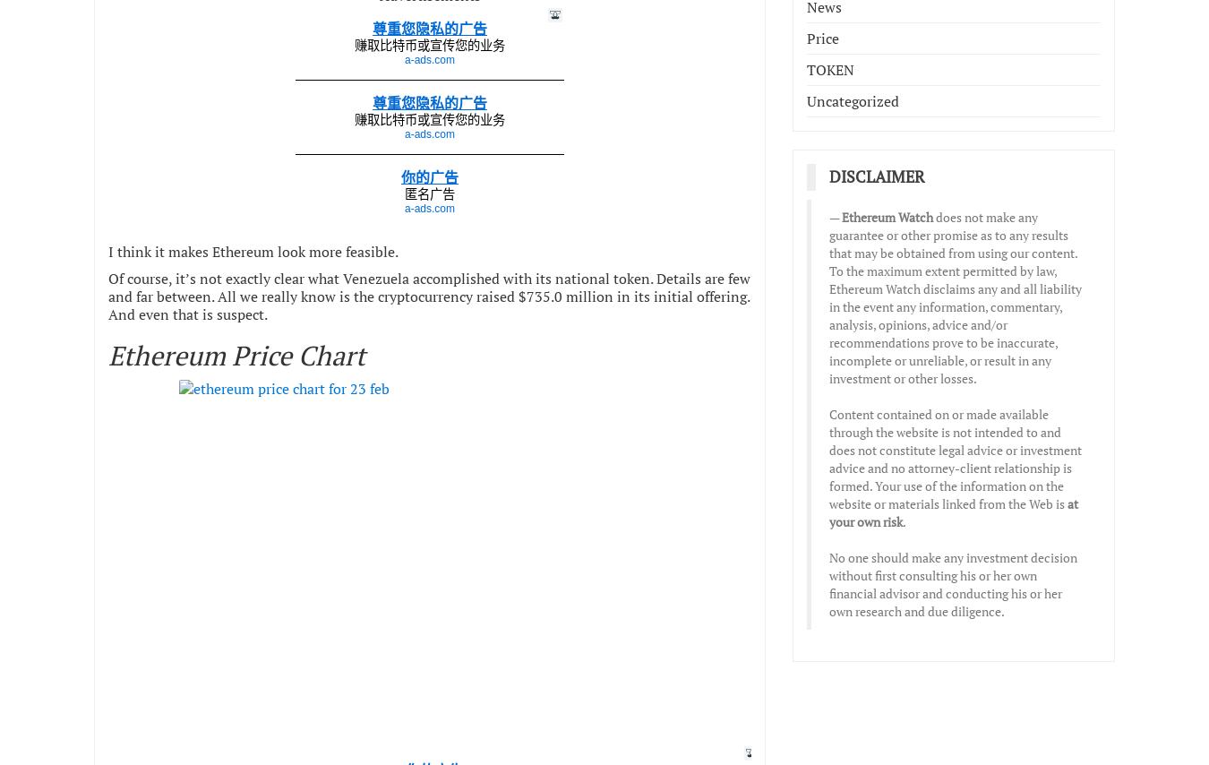 This screenshot has width=1209, height=765. What do you see at coordinates (827, 457) in the screenshot?
I see `'Content contained on or made available through the website is not intended to and does not constitute legal advice or investment advice and no attorney-client relationship is formed. Your use of the information on the website or materials linked from the Web is'` at bounding box center [827, 457].